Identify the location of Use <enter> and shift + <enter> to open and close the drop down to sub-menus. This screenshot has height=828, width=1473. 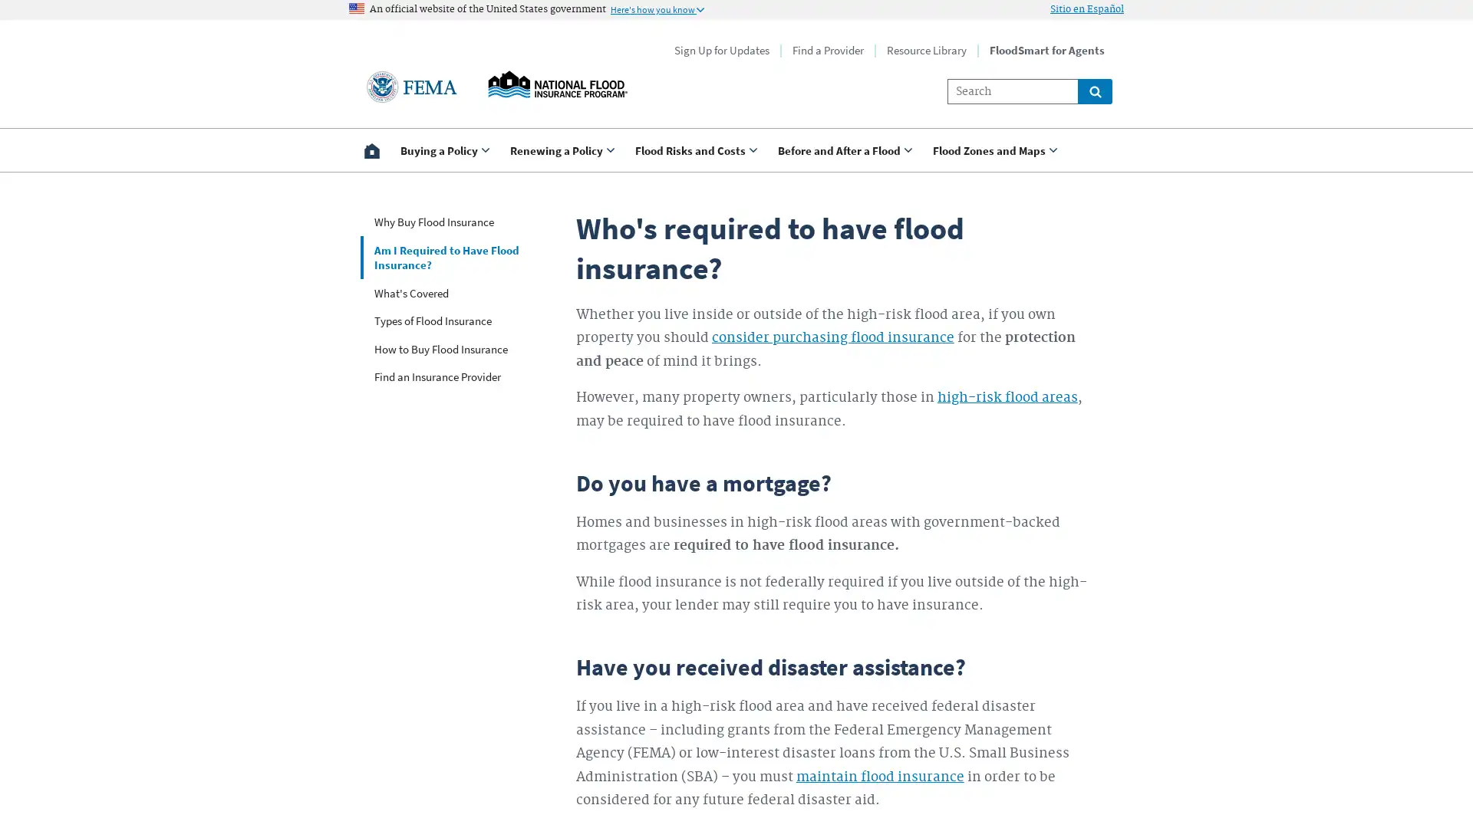
(997, 149).